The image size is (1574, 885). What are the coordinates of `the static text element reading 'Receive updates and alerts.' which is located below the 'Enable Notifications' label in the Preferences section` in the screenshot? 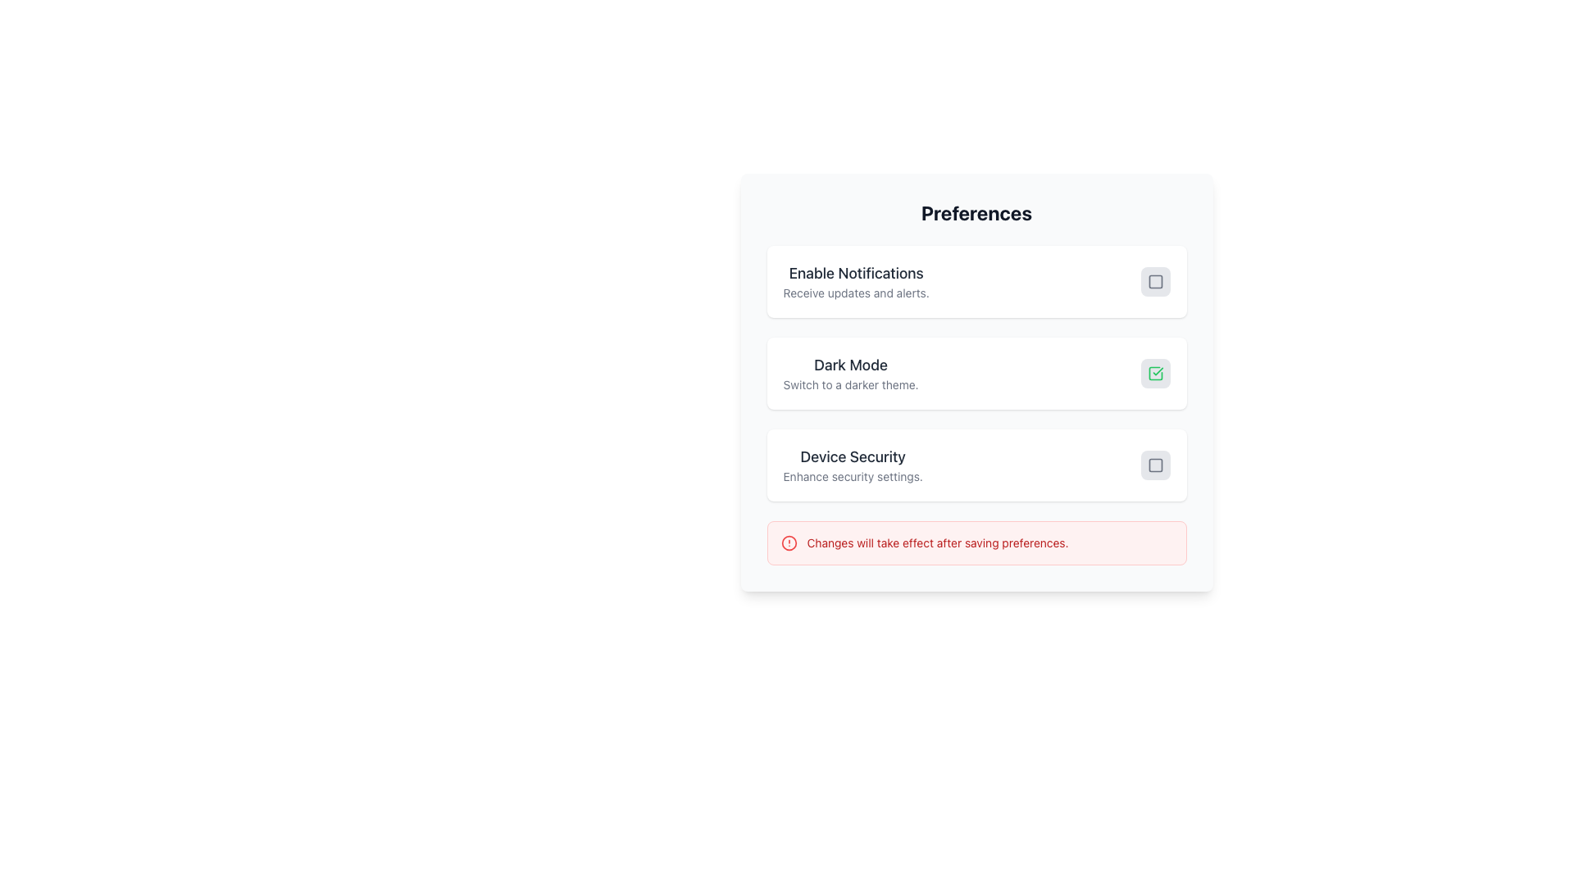 It's located at (855, 293).